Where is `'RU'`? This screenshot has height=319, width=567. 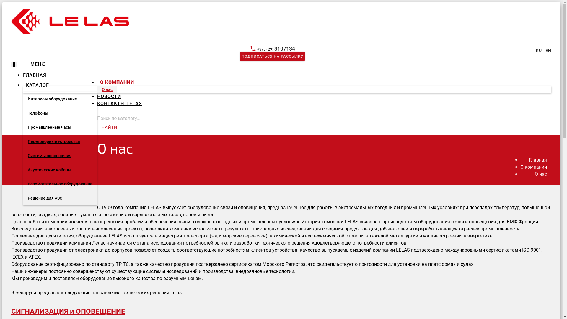
'RU' is located at coordinates (539, 50).